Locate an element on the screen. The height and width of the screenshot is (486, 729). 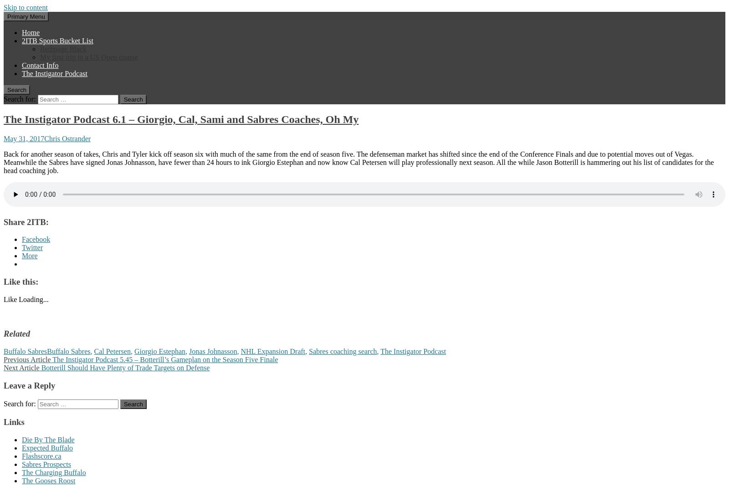
'Primary Menu' is located at coordinates (7, 16).